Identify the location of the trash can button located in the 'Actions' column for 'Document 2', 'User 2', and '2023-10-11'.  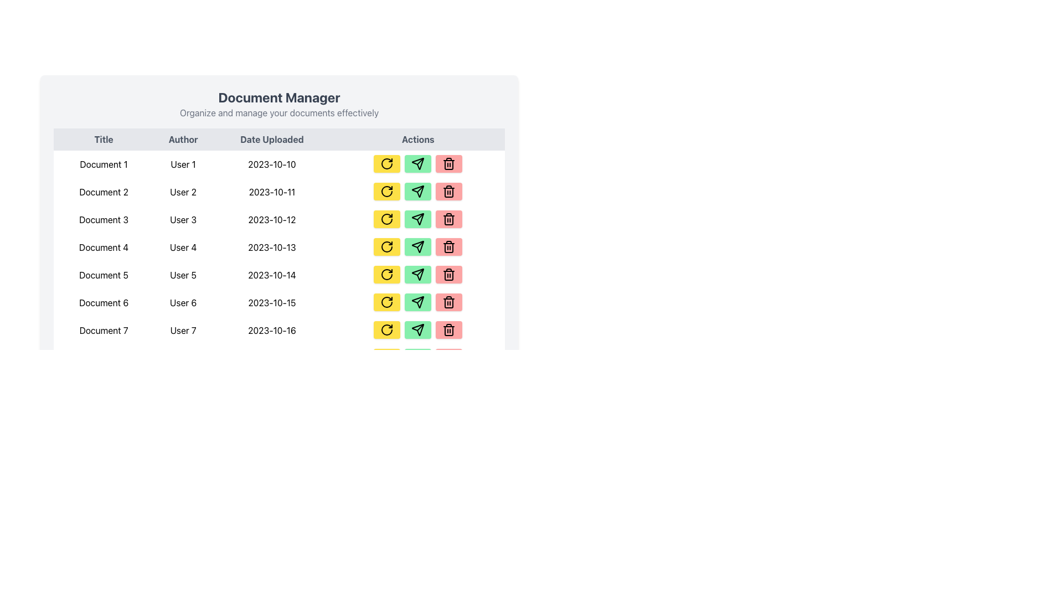
(449, 192).